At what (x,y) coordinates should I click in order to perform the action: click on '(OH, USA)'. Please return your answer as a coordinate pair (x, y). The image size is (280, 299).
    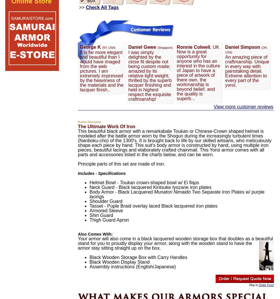
    Looking at the image, I should click on (246, 50).